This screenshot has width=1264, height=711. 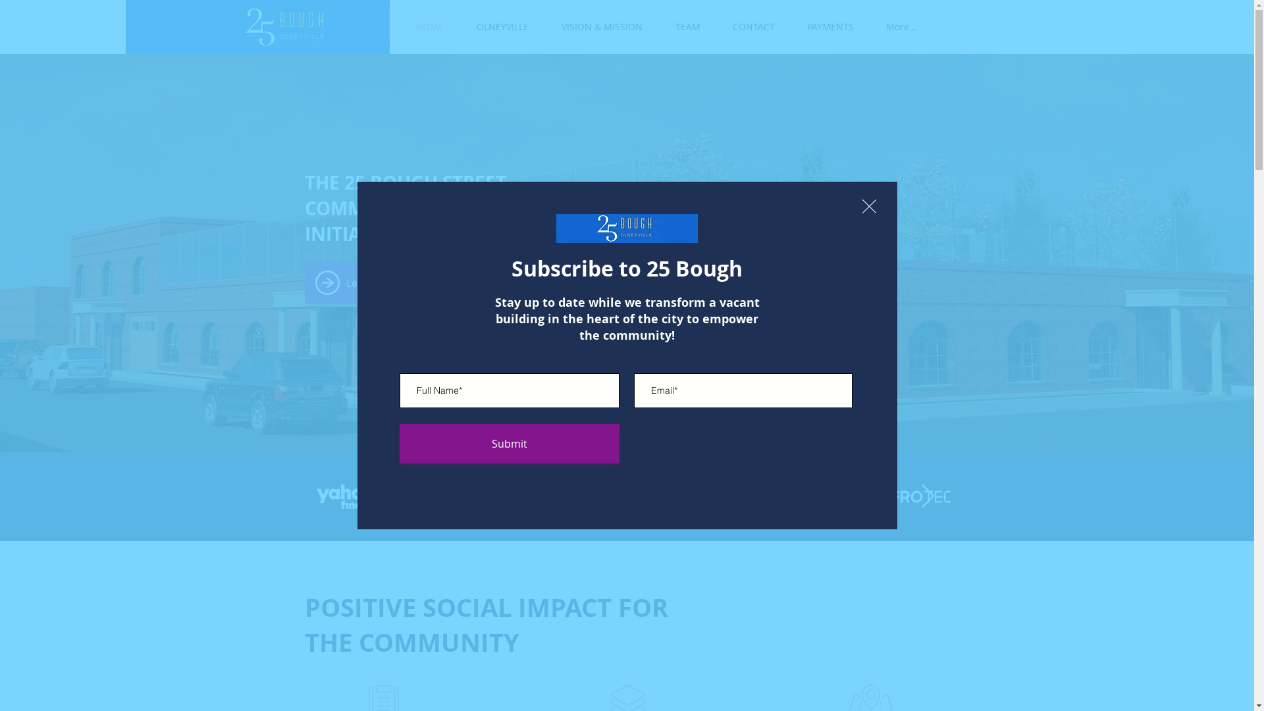 I want to click on 'OLNEYVILLE', so click(x=501, y=27).